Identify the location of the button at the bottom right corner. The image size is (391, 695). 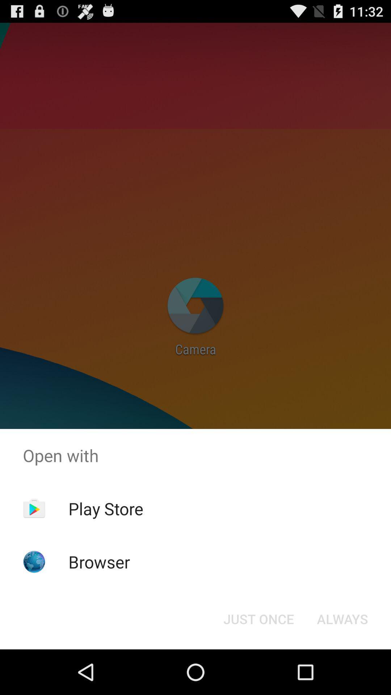
(342, 618).